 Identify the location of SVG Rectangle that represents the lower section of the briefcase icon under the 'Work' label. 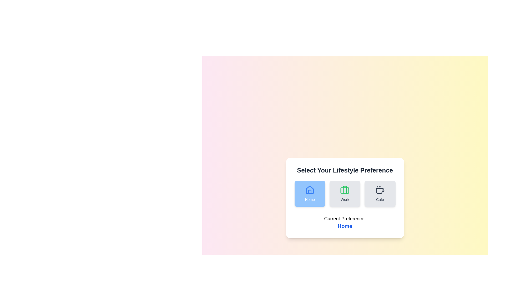
(345, 190).